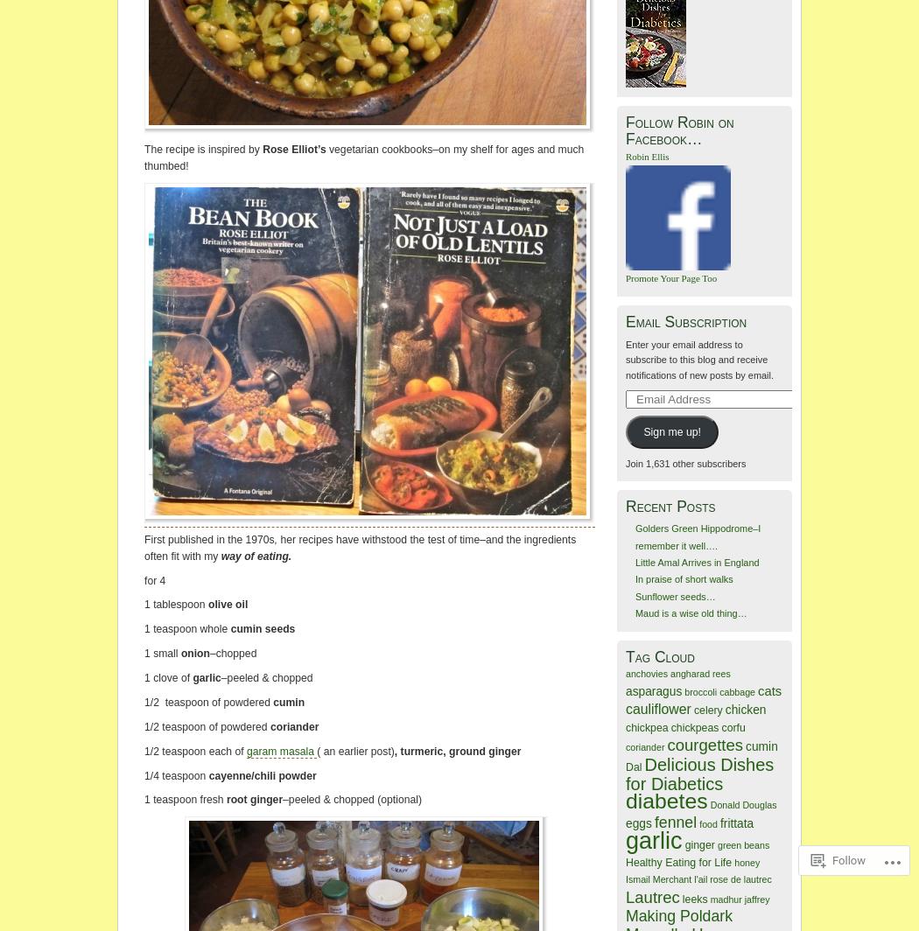 This screenshot has height=931, width=919. What do you see at coordinates (625, 896) in the screenshot?
I see `'Lautrec'` at bounding box center [625, 896].